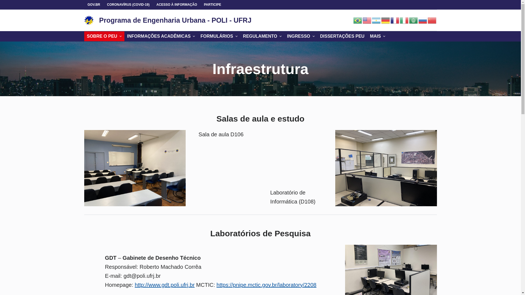 Image resolution: width=525 pixels, height=295 pixels. I want to click on 'INGRESSO', so click(301, 36).